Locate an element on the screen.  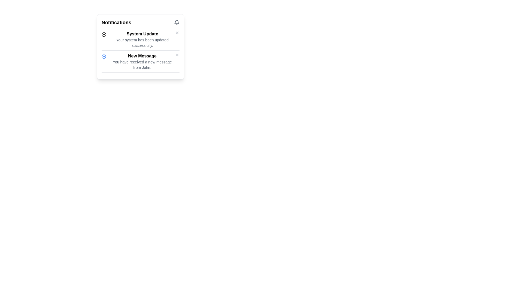
success message text located directly under the 'System Update' header within the notification card is located at coordinates (142, 42).